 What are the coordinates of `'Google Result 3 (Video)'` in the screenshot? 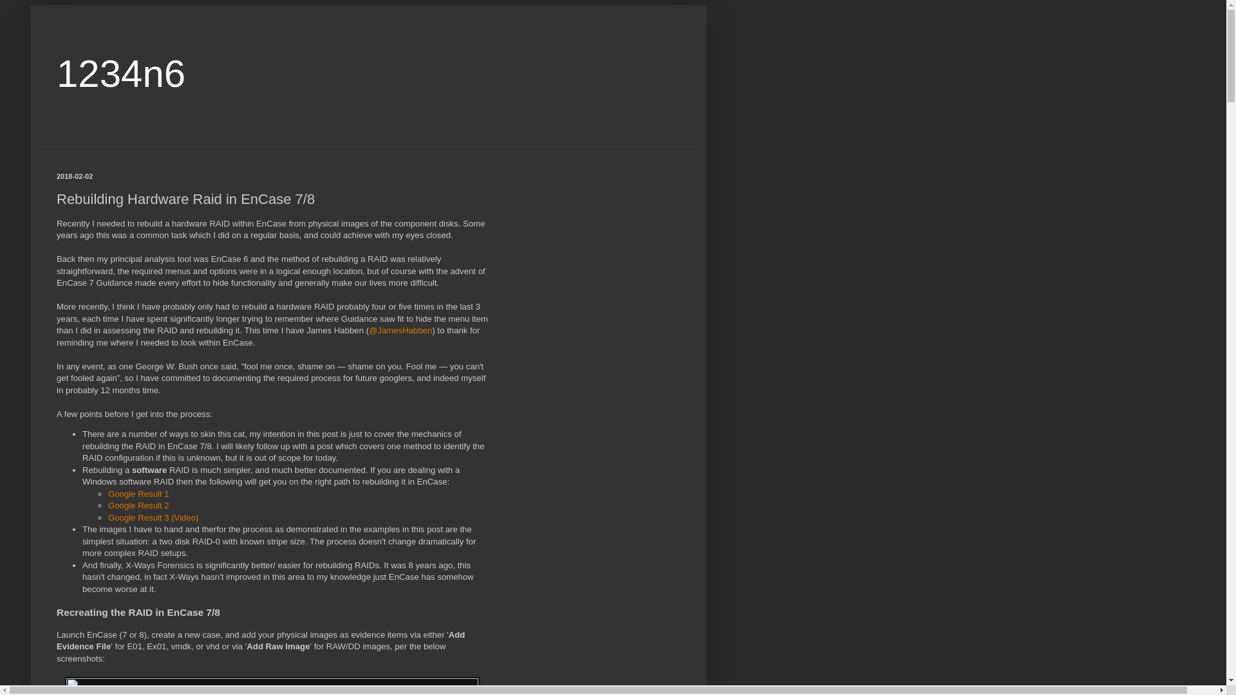 It's located at (153, 517).